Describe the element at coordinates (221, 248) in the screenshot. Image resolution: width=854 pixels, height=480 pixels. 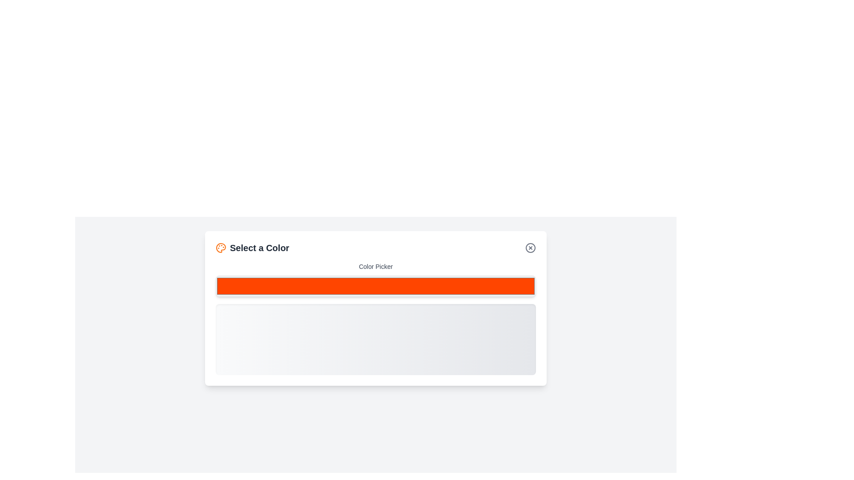
I see `the orange painter's palette icon located to the left of the 'Select a Color' text in the header section of the modal dialog` at that location.